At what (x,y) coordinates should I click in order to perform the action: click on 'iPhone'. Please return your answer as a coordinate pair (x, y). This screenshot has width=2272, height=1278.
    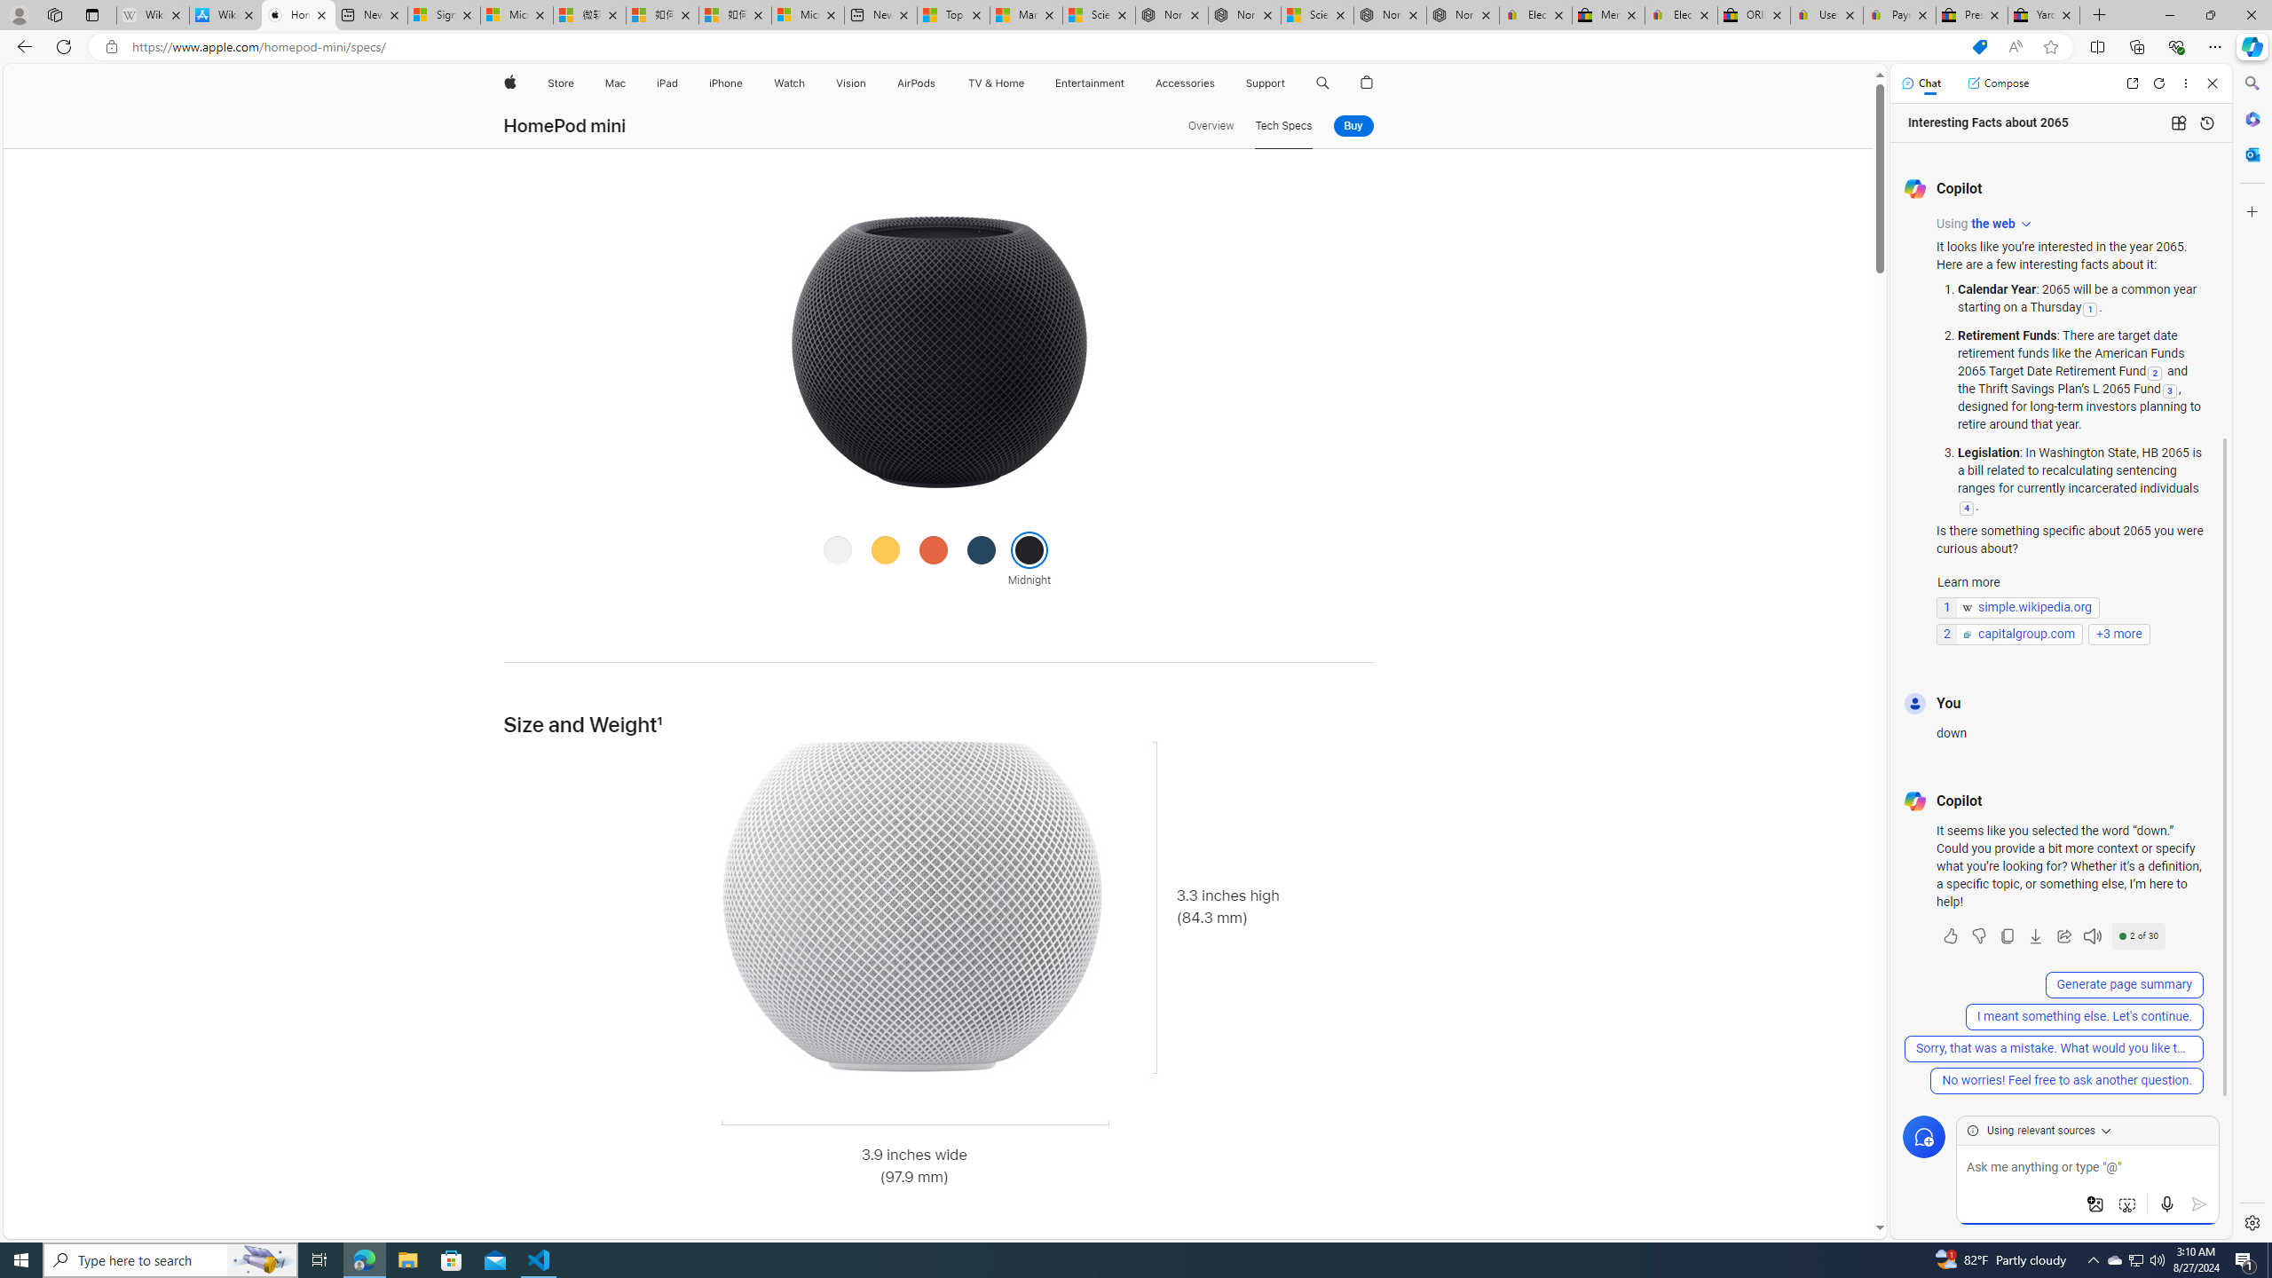
    Looking at the image, I should click on (724, 83).